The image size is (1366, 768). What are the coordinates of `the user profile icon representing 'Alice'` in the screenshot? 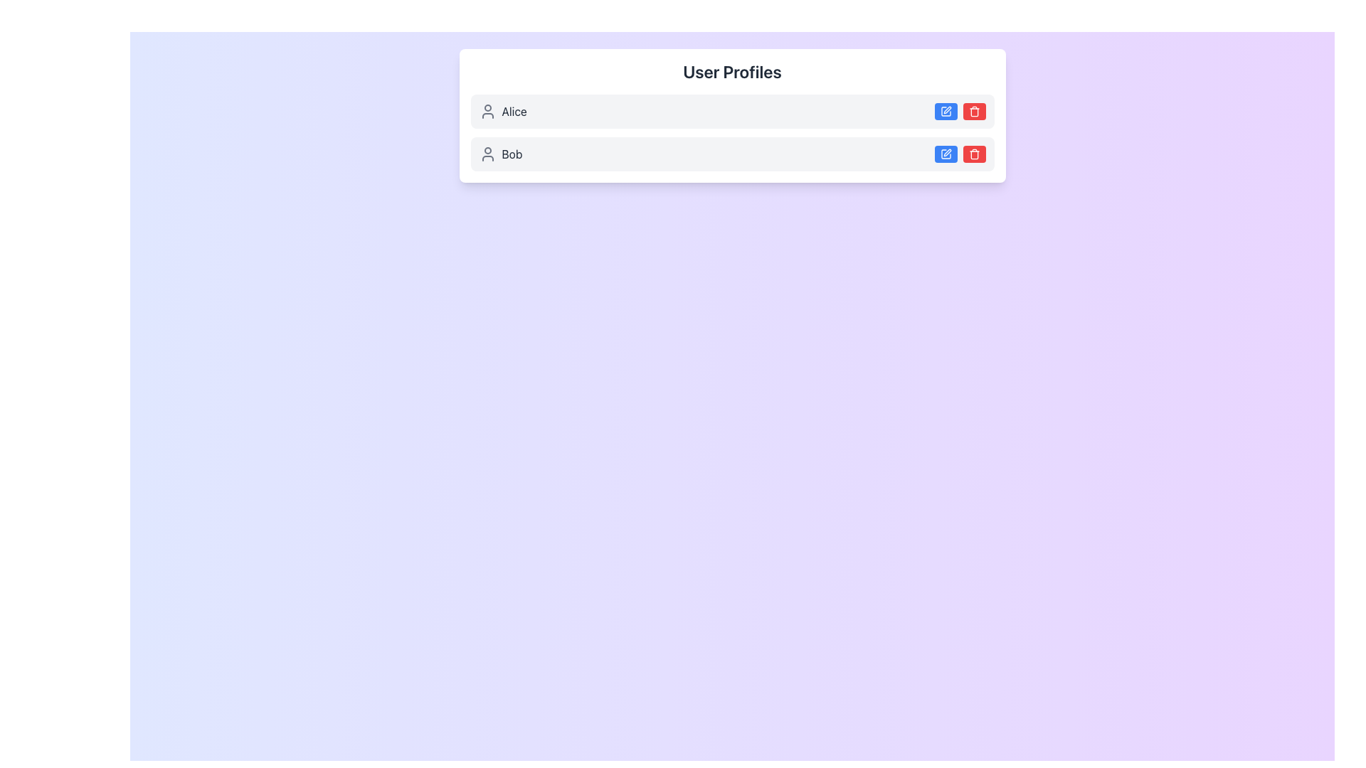 It's located at (487, 111).